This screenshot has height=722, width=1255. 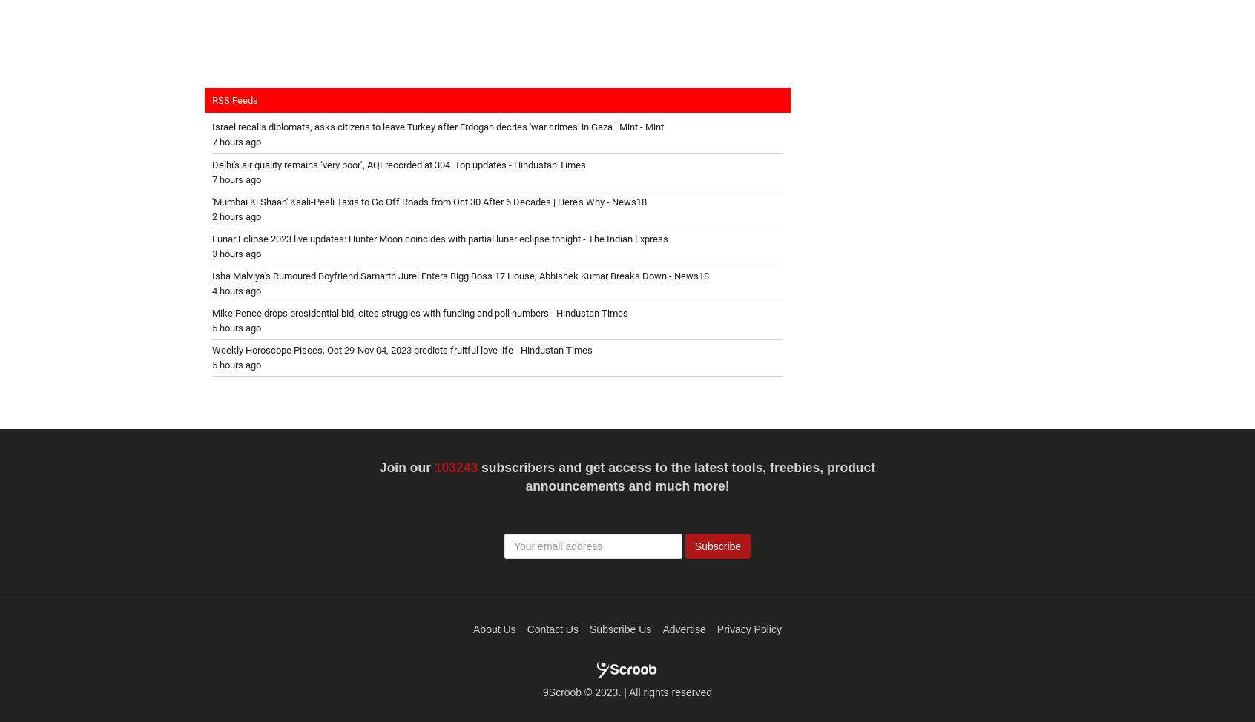 What do you see at coordinates (211, 215) in the screenshot?
I see `'2 hours ago'` at bounding box center [211, 215].